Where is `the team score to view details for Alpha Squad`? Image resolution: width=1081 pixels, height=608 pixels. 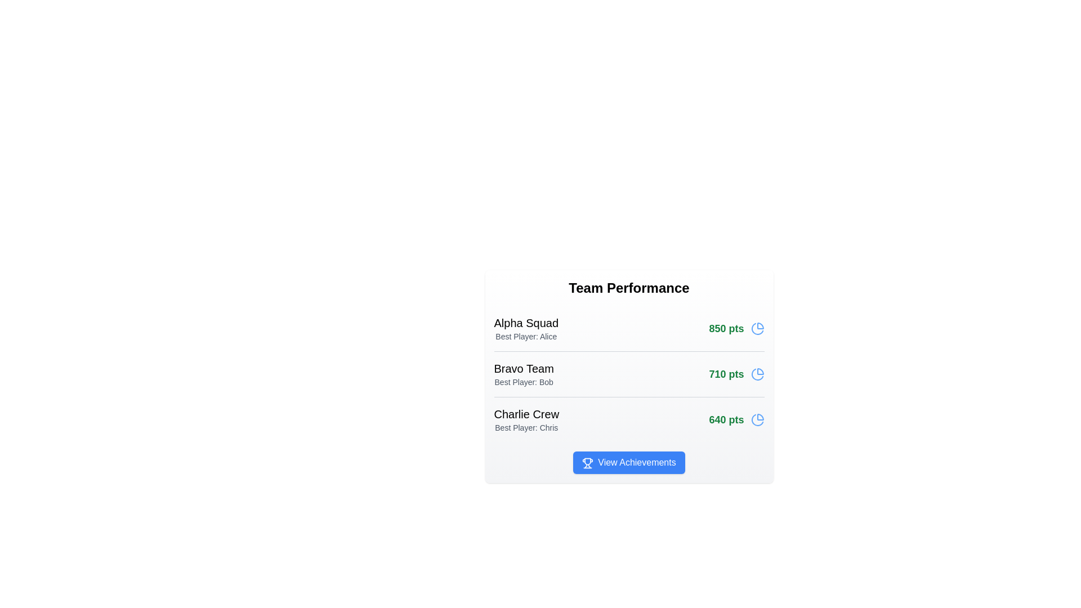 the team score to view details for Alpha Squad is located at coordinates (736, 328).